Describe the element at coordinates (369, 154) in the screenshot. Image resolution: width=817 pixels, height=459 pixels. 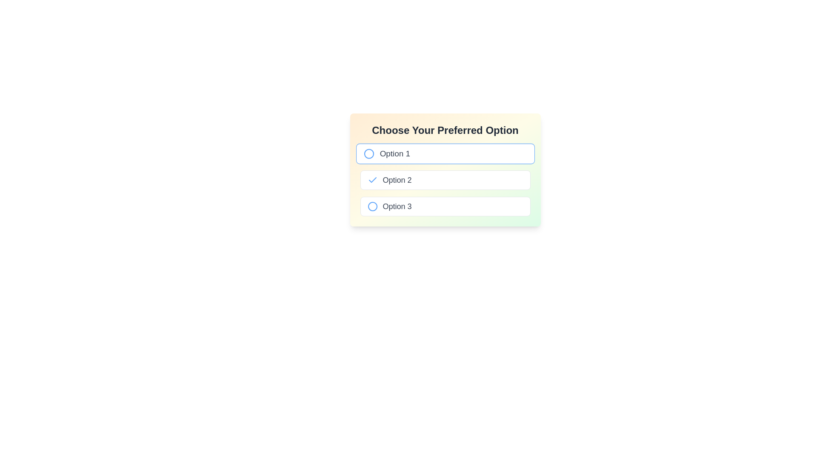
I see `the circle indicator for 'Option 1'` at that location.